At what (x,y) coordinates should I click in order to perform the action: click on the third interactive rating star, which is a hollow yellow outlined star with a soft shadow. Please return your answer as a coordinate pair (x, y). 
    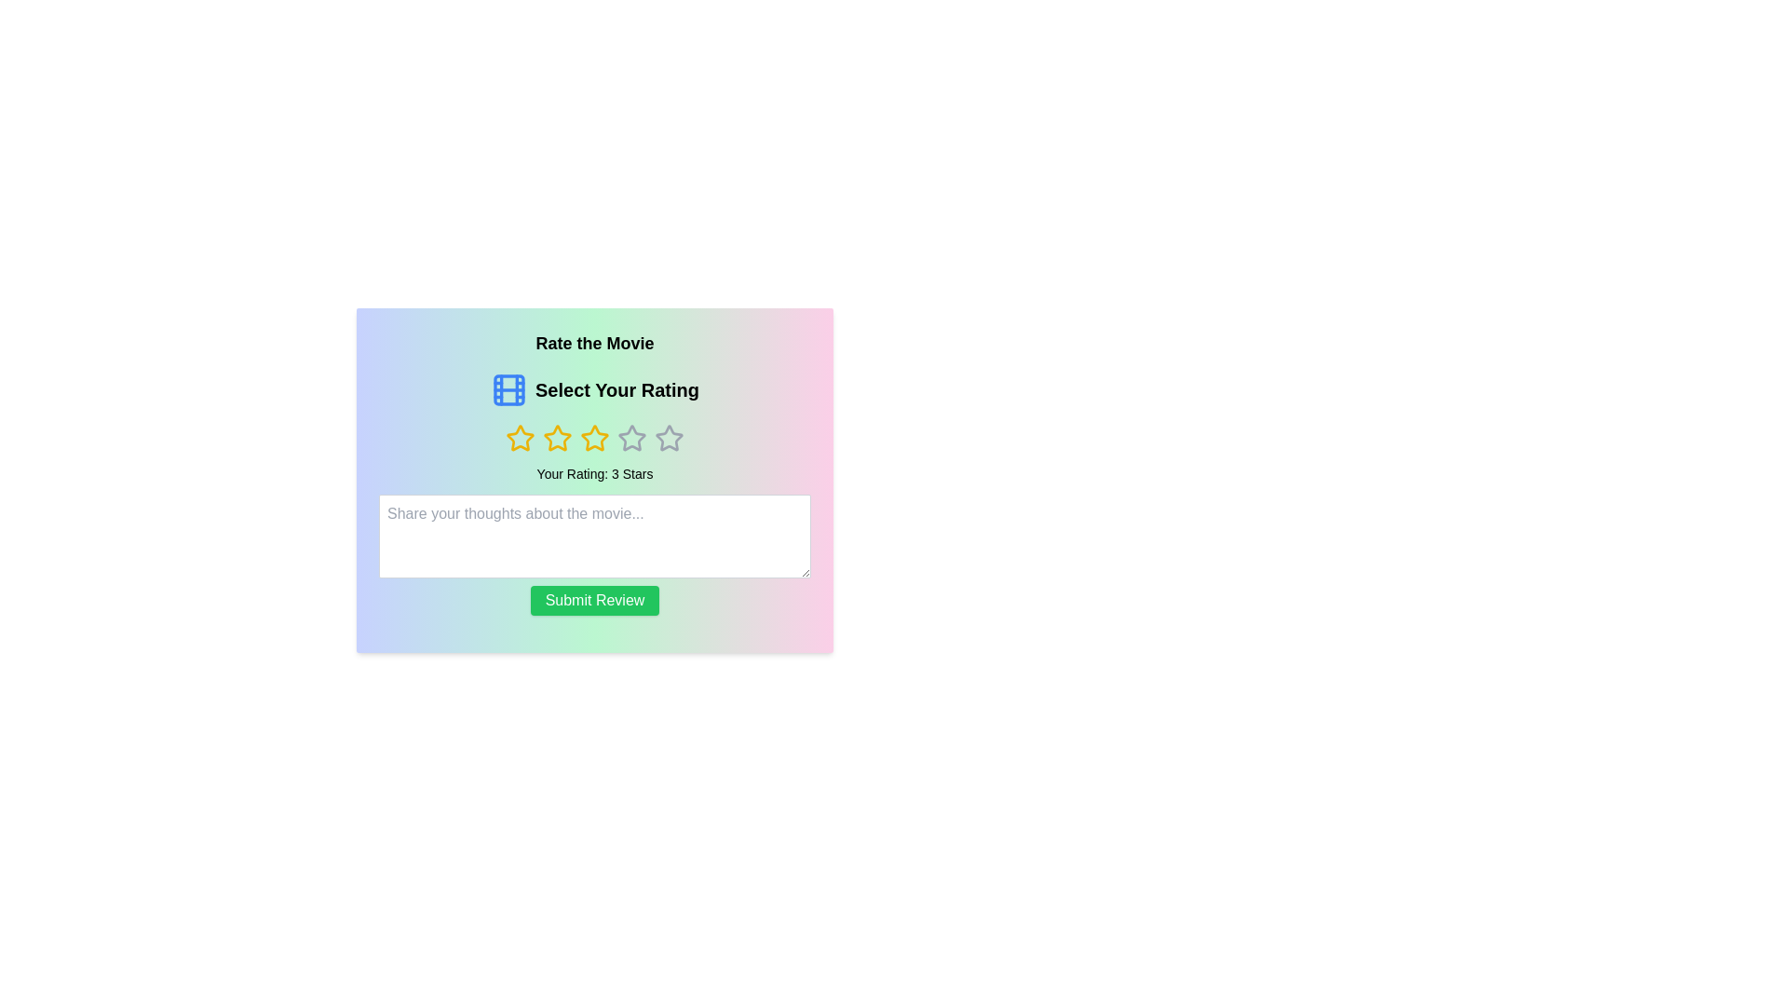
    Looking at the image, I should click on (557, 438).